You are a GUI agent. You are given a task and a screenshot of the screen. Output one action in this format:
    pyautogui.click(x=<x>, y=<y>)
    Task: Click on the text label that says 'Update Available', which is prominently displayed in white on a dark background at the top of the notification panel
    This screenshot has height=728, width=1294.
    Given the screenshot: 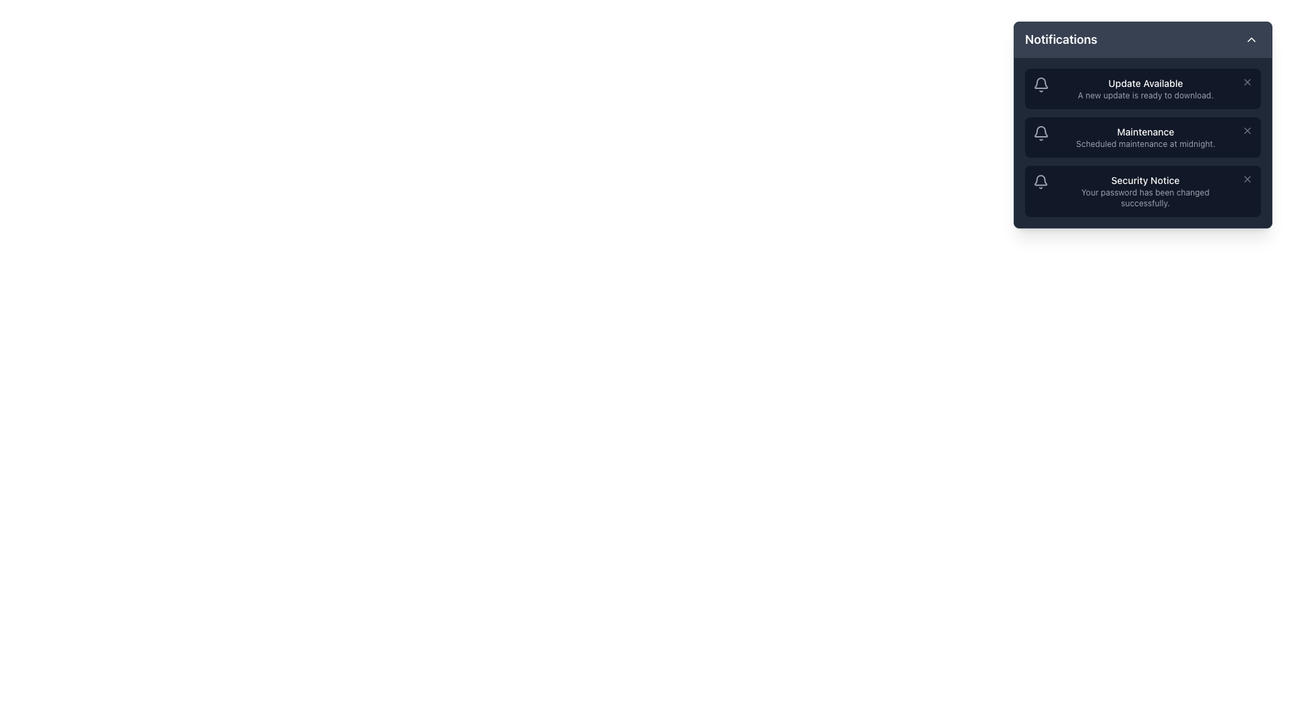 What is the action you would take?
    pyautogui.click(x=1144, y=83)
    